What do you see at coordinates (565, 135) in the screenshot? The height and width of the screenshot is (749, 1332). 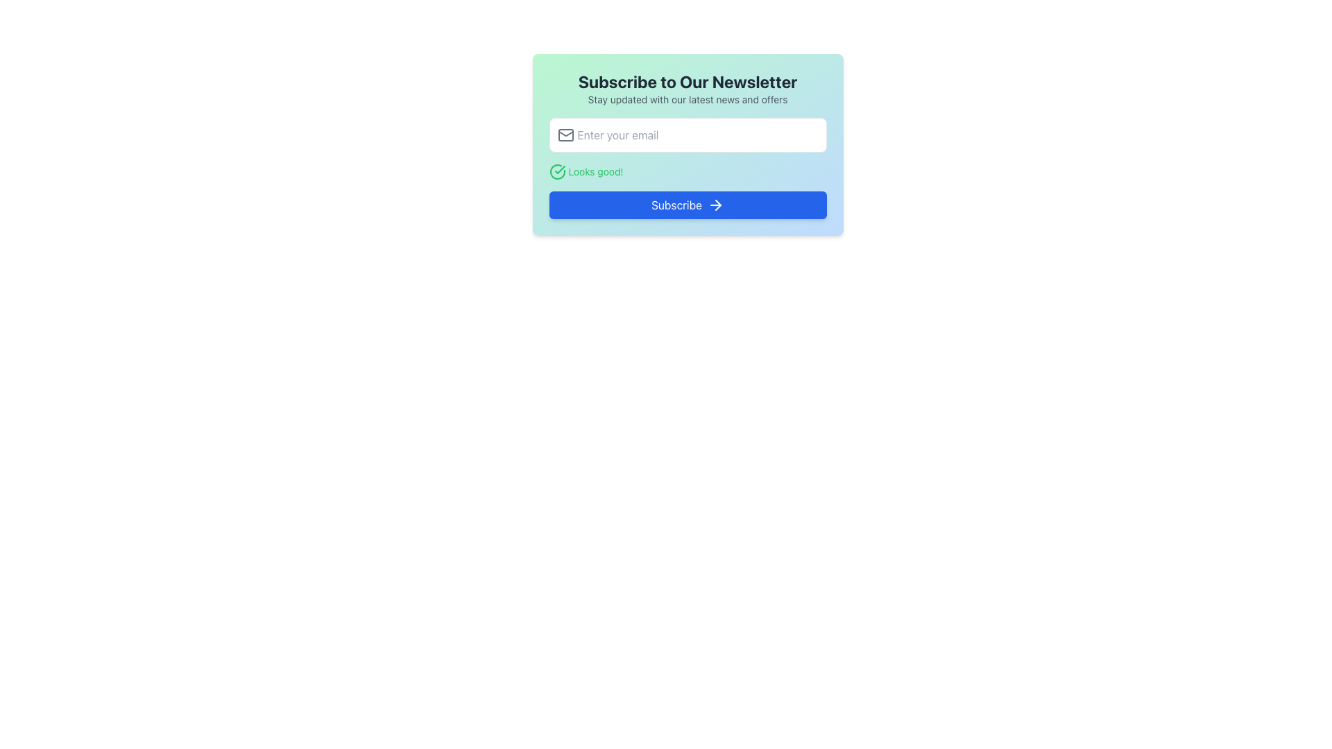 I see `the decorative SVG envelope element located to the left of the email input field in the newsletter subscription form` at bounding box center [565, 135].